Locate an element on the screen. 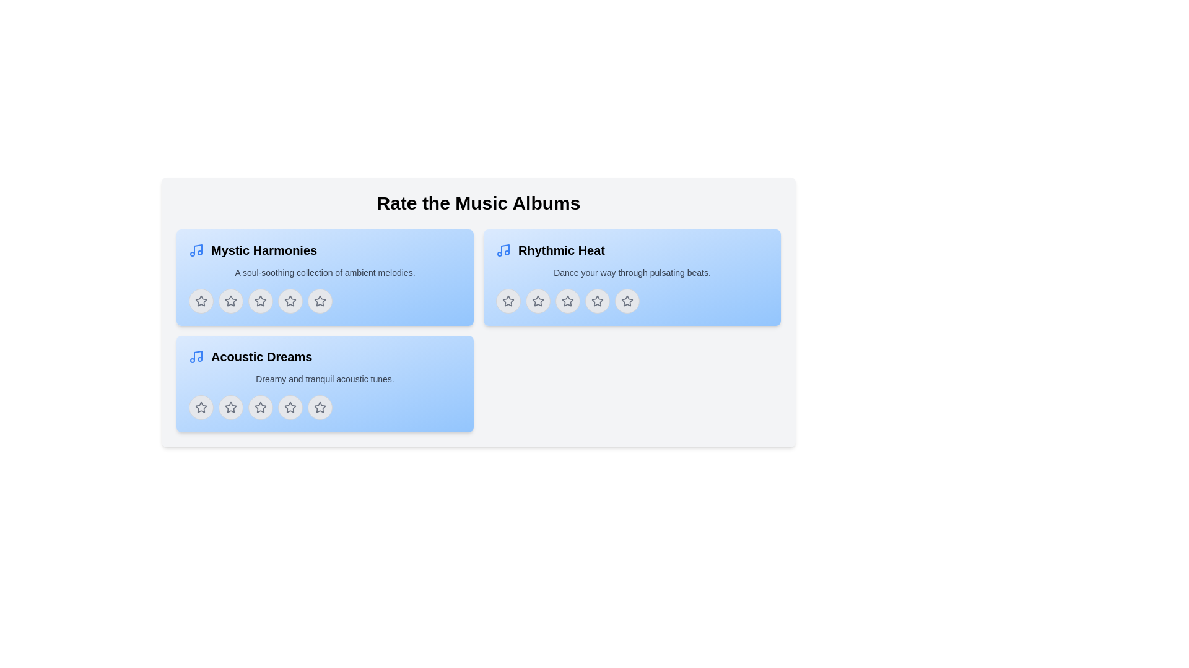 This screenshot has height=668, width=1189. the fourth star-shaped icon button with outlined styling, located under the 'Acoustic Dreams' section, to observe interactive visual feedback is located at coordinates (290, 408).